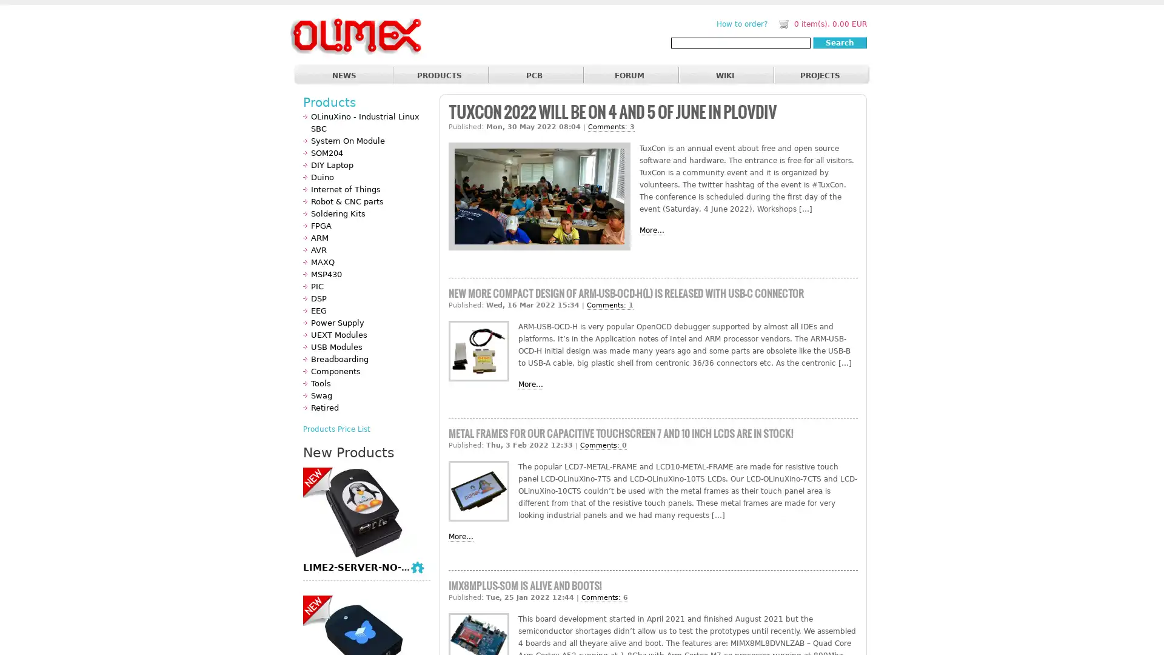 Image resolution: width=1164 pixels, height=655 pixels. What do you see at coordinates (839, 42) in the screenshot?
I see `Search` at bounding box center [839, 42].